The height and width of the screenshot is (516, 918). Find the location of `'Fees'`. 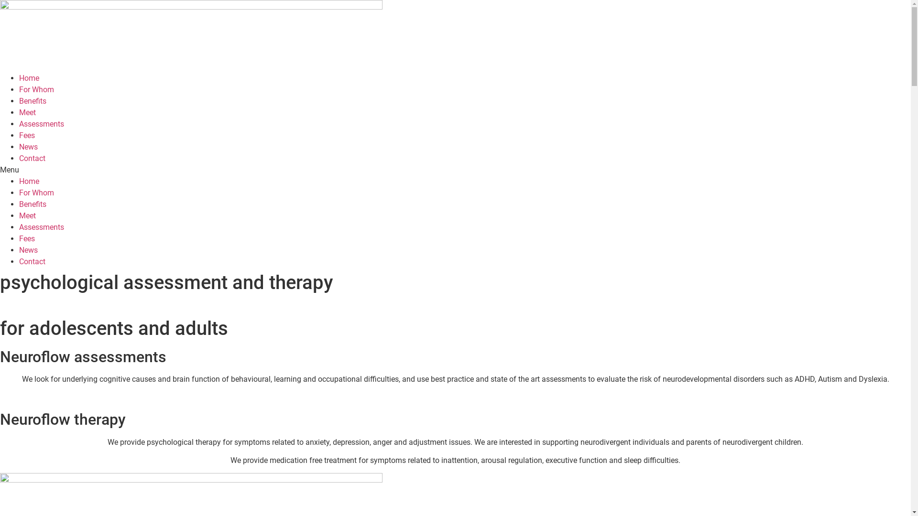

'Fees' is located at coordinates (27, 238).